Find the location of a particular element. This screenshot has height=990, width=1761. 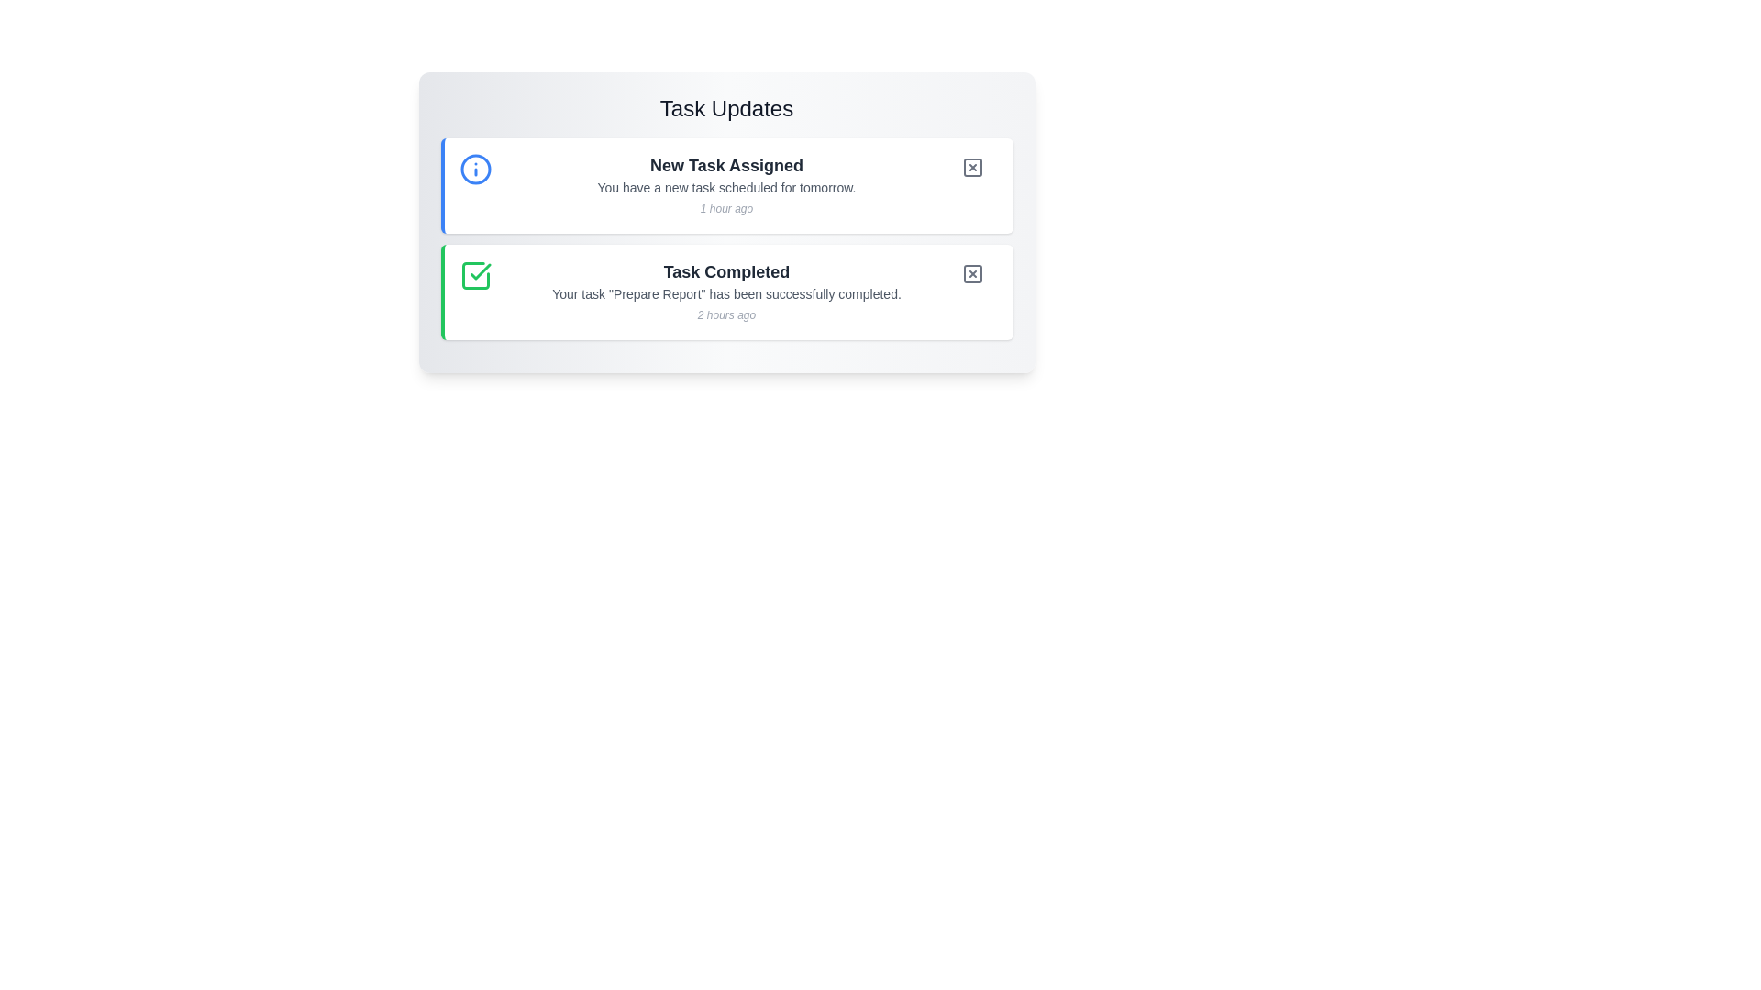

the header text 'Task Updates', which is styled with a large, bold, dark gray font and located at the top center of the interface within a rounded, shadowed card is located at coordinates (725, 109).